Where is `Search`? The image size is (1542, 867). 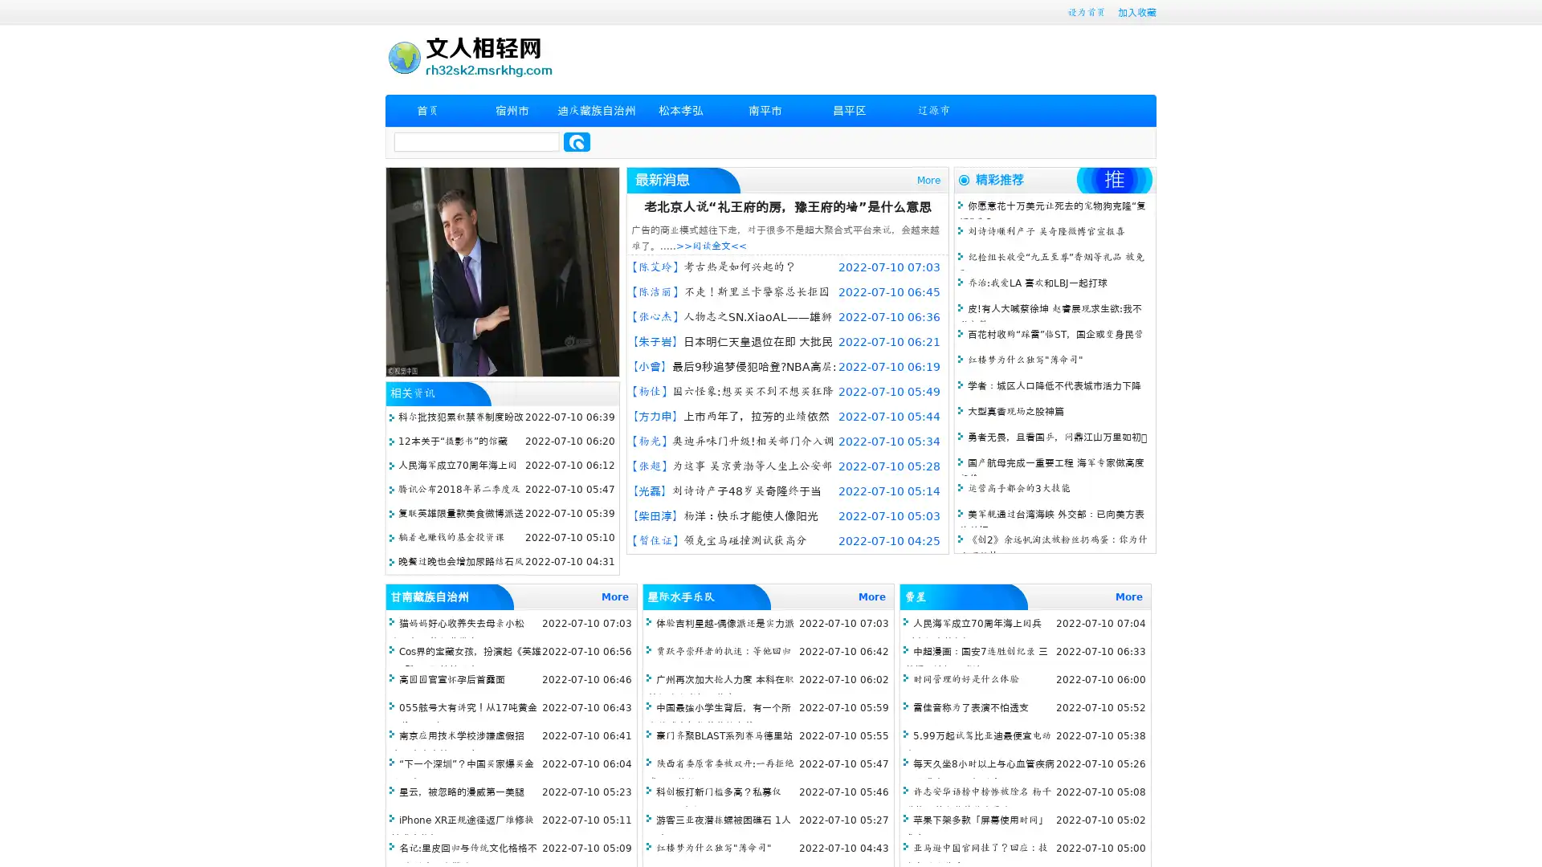 Search is located at coordinates (577, 141).